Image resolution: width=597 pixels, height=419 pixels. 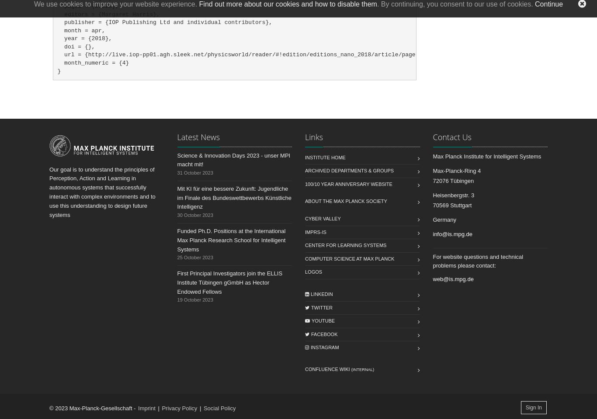 What do you see at coordinates (194, 258) in the screenshot?
I see `'25 October 2023'` at bounding box center [194, 258].